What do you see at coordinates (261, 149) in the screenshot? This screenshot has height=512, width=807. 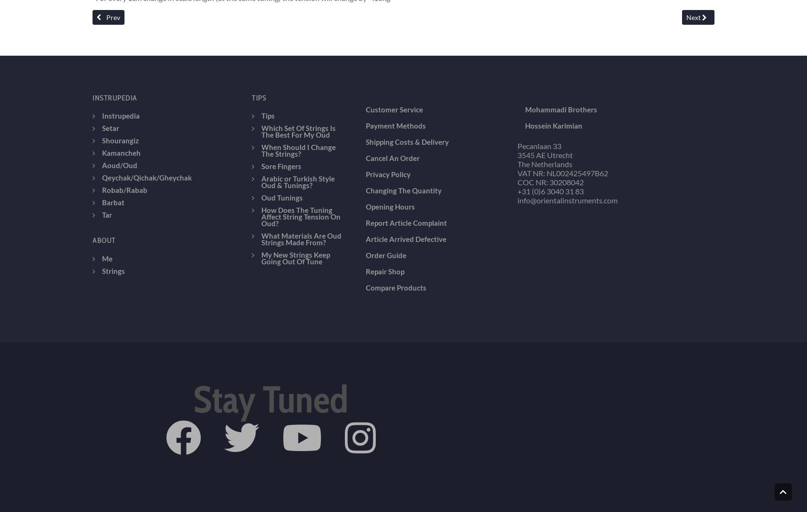 I see `'How Does The Tuning Affect String Tension On Oud?'` at bounding box center [261, 149].